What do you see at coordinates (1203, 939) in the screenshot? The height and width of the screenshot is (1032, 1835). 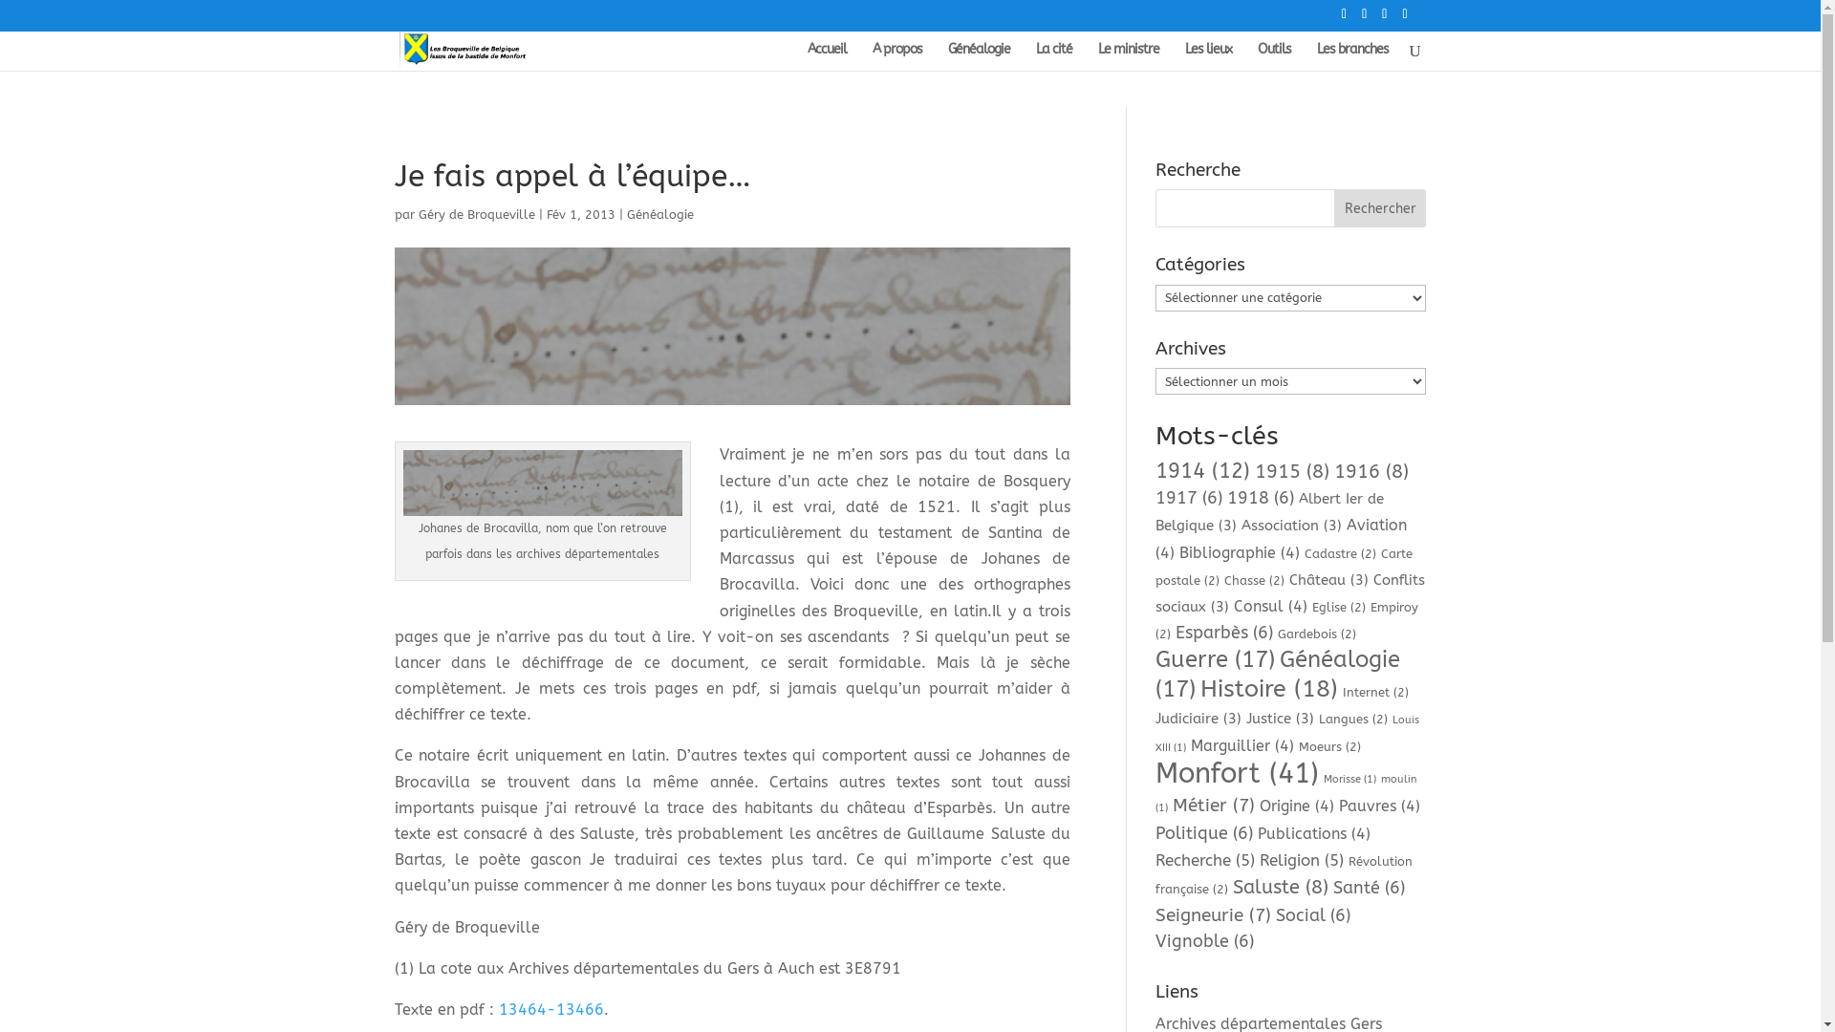 I see `'Vignoble (6)'` at bounding box center [1203, 939].